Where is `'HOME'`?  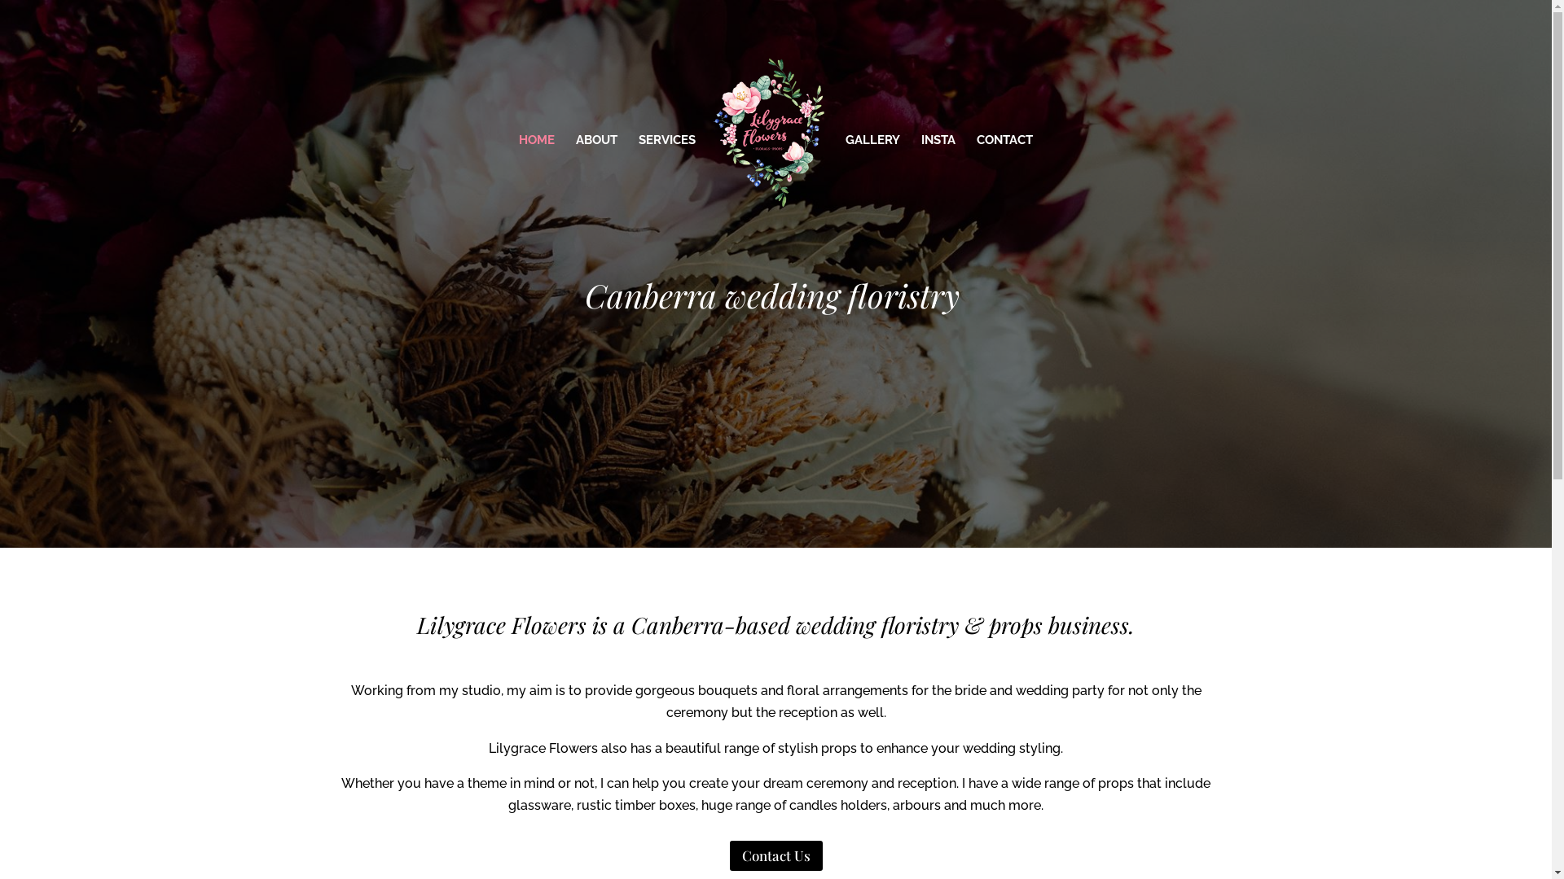 'HOME' is located at coordinates (518, 182).